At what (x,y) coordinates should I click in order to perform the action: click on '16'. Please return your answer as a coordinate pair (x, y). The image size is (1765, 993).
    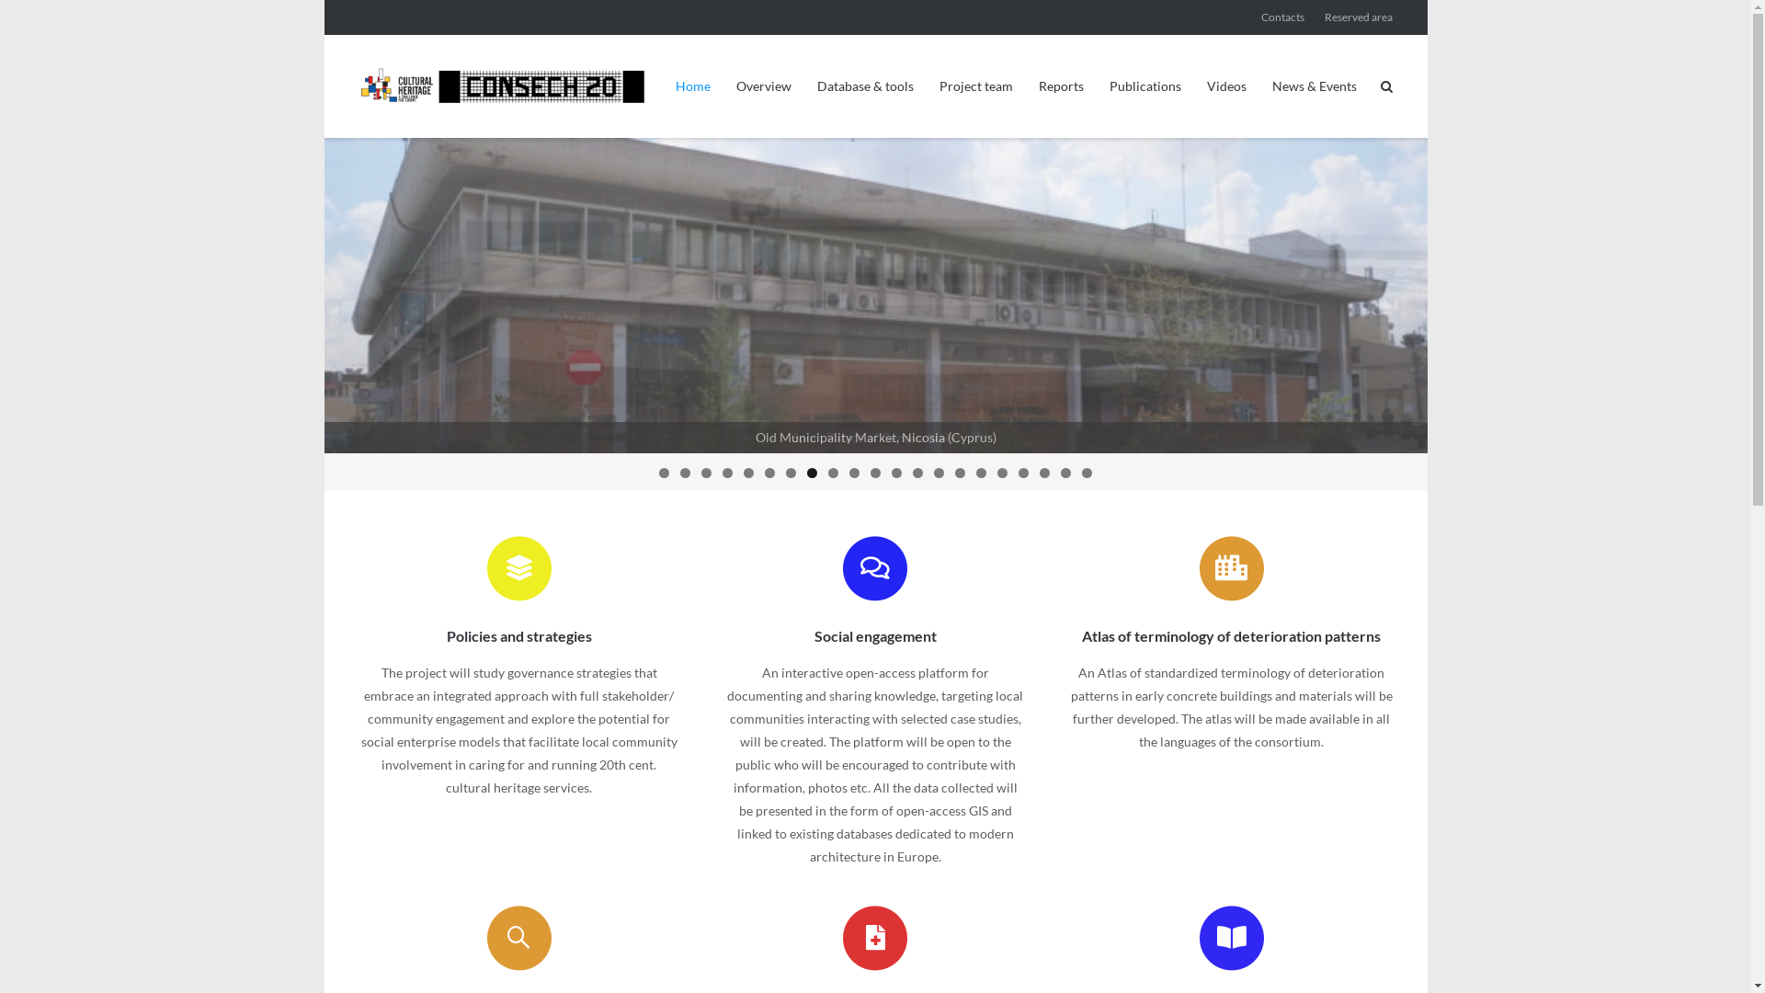
    Looking at the image, I should click on (980, 472).